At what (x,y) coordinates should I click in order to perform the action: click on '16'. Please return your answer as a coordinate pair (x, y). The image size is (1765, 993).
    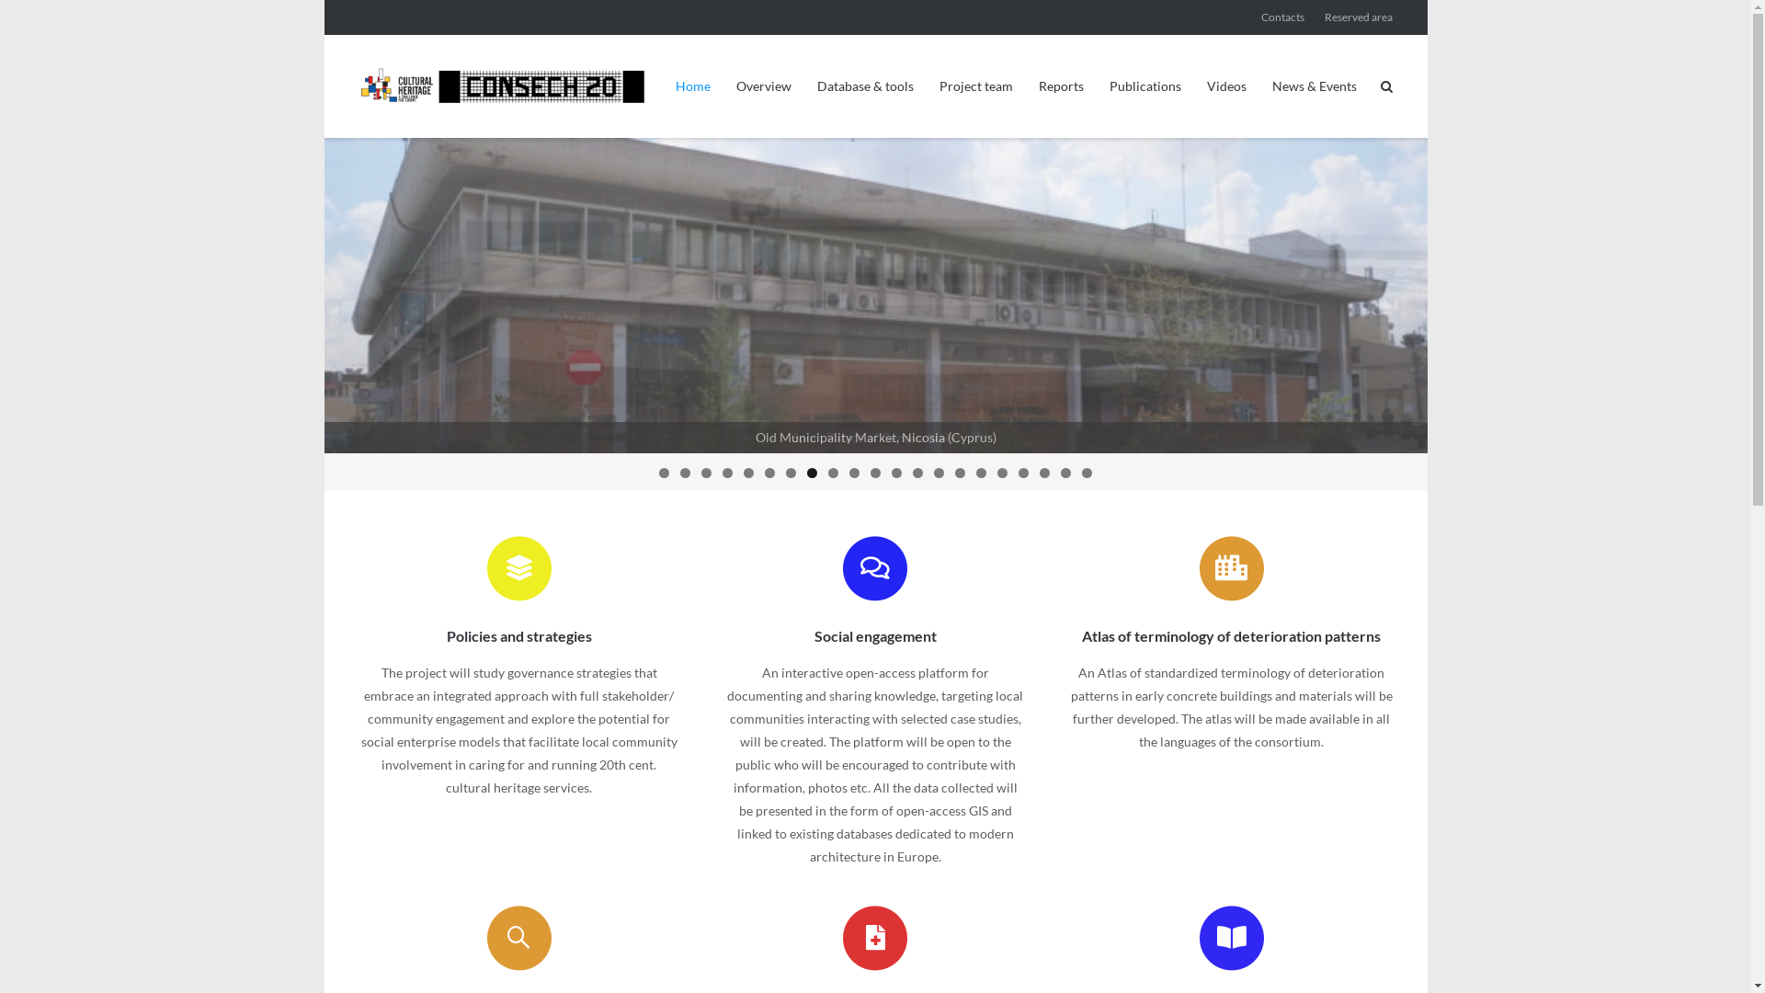
    Looking at the image, I should click on (980, 472).